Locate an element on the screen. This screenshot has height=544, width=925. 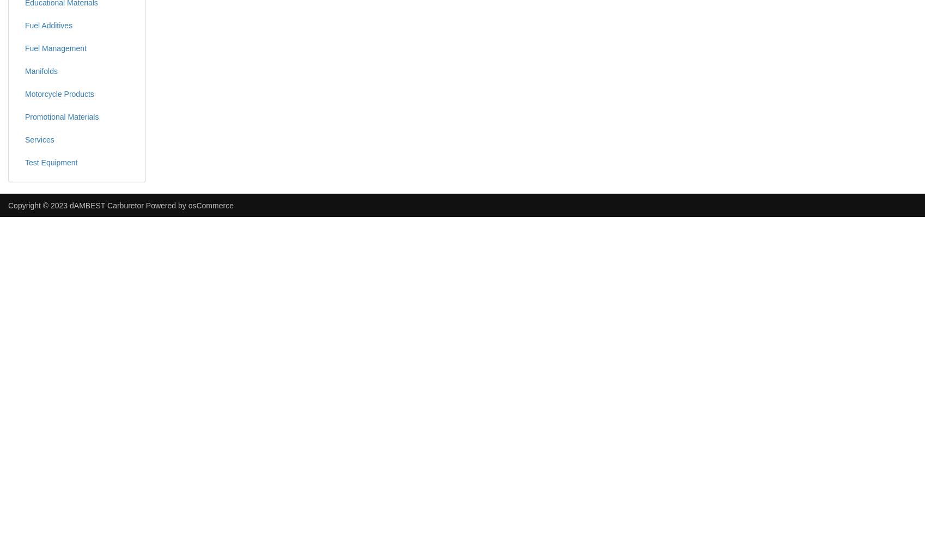
'Powered by' is located at coordinates (143, 205).